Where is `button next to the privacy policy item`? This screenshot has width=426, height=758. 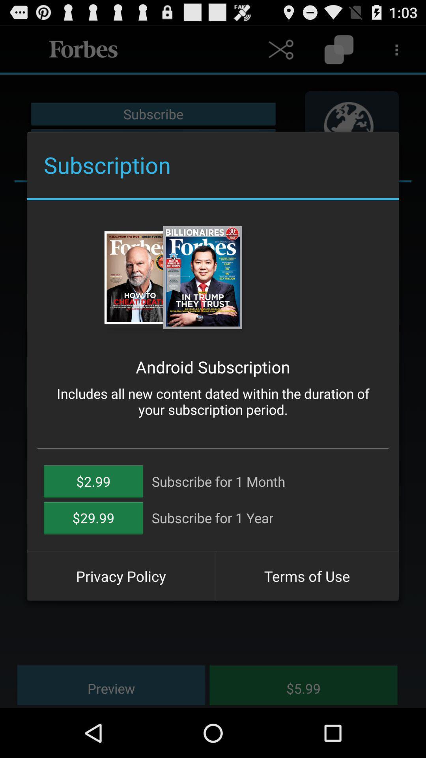 button next to the privacy policy item is located at coordinates (306, 576).